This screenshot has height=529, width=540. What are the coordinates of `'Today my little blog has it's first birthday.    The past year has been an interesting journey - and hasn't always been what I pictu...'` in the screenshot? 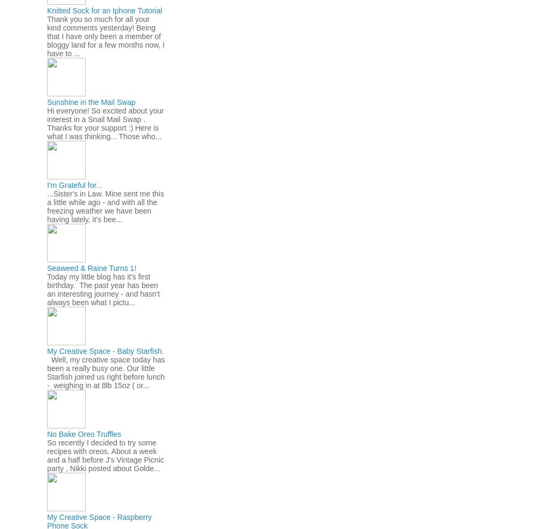 It's located at (103, 289).